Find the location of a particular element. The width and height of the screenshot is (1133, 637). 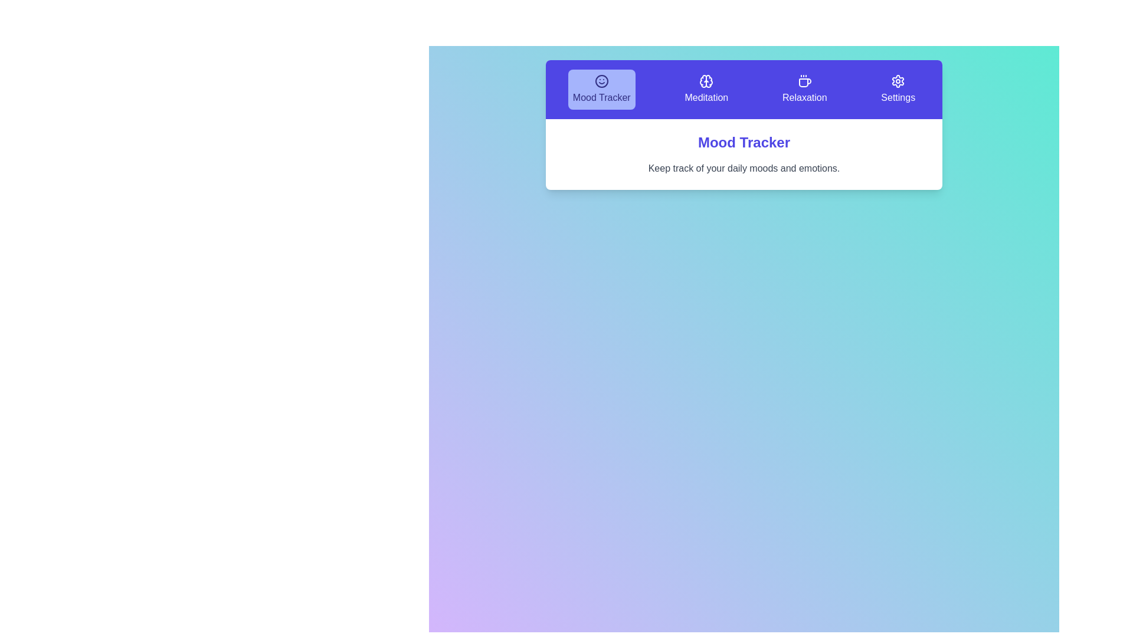

the title text label that serves as a heading, positioned centrally above the subtext 'Keep track of your daily moods and emotions.' is located at coordinates (744, 142).